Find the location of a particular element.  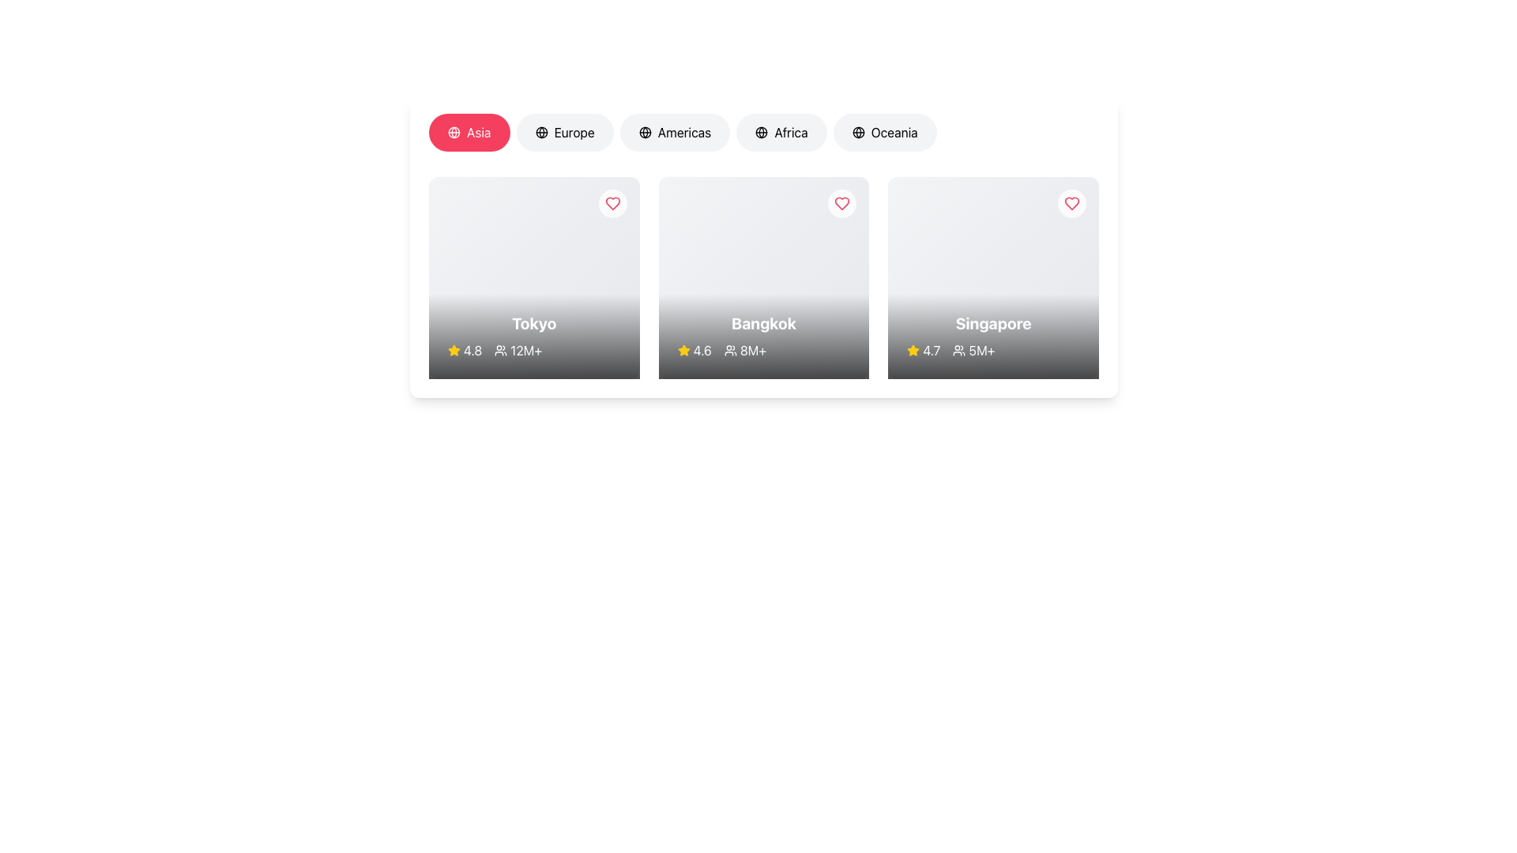

the Information card displaying details about Singapore, which features bold text 'Singapore' and a red heart icon is located at coordinates (992, 276).